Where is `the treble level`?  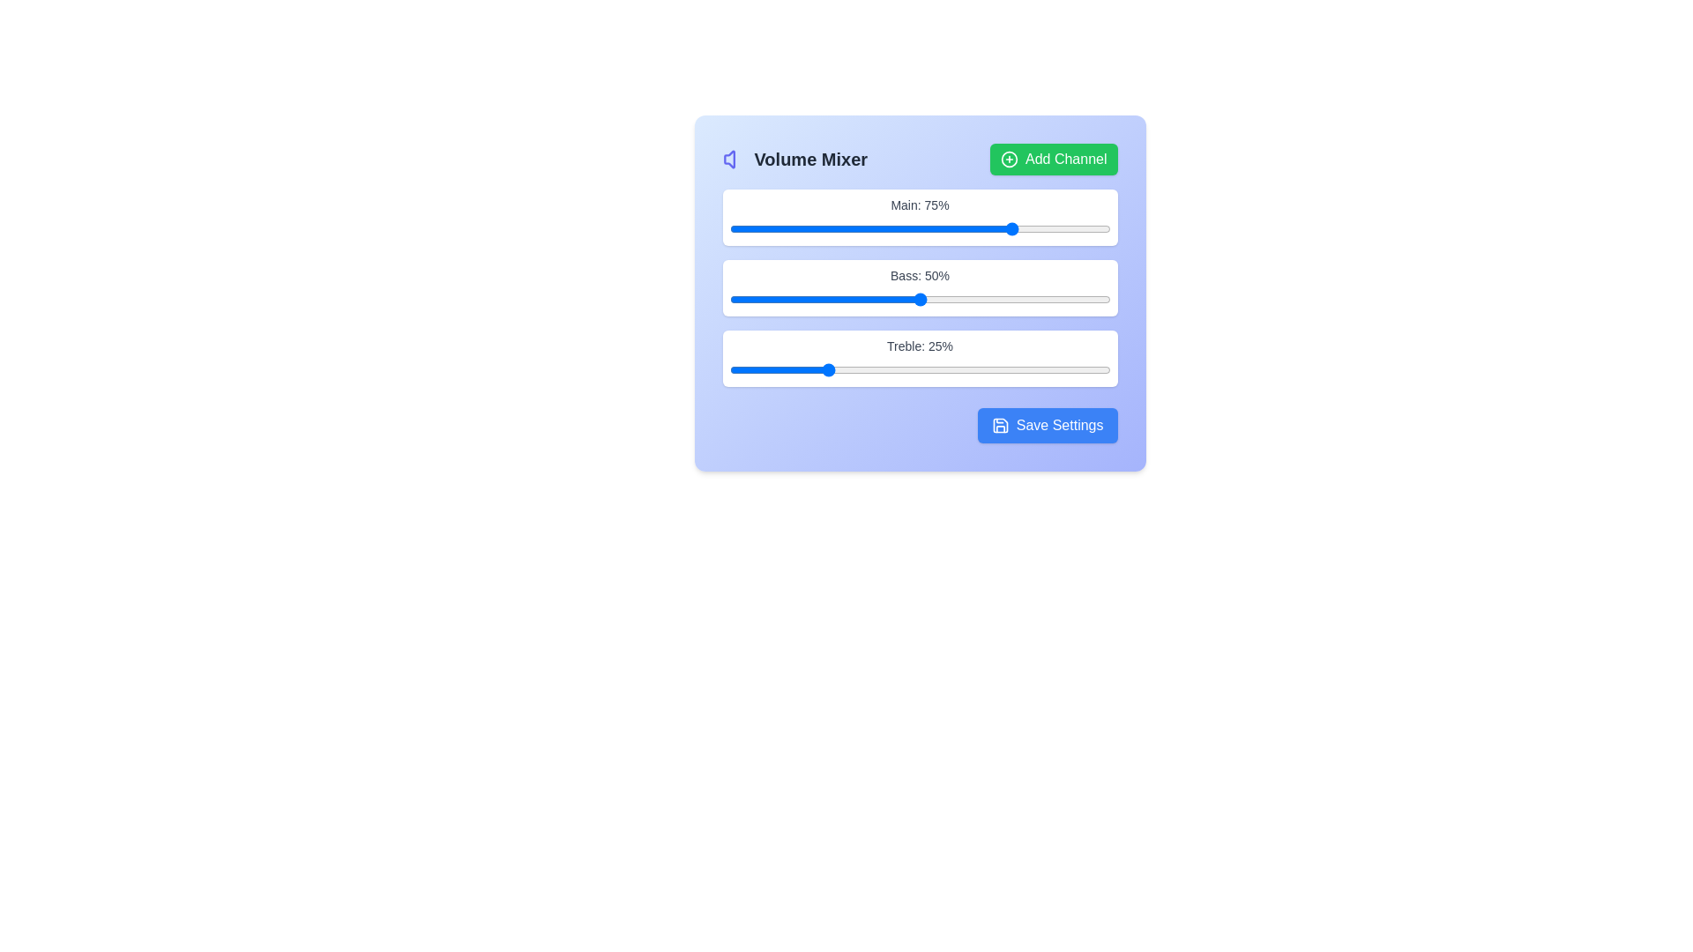 the treble level is located at coordinates (793, 369).